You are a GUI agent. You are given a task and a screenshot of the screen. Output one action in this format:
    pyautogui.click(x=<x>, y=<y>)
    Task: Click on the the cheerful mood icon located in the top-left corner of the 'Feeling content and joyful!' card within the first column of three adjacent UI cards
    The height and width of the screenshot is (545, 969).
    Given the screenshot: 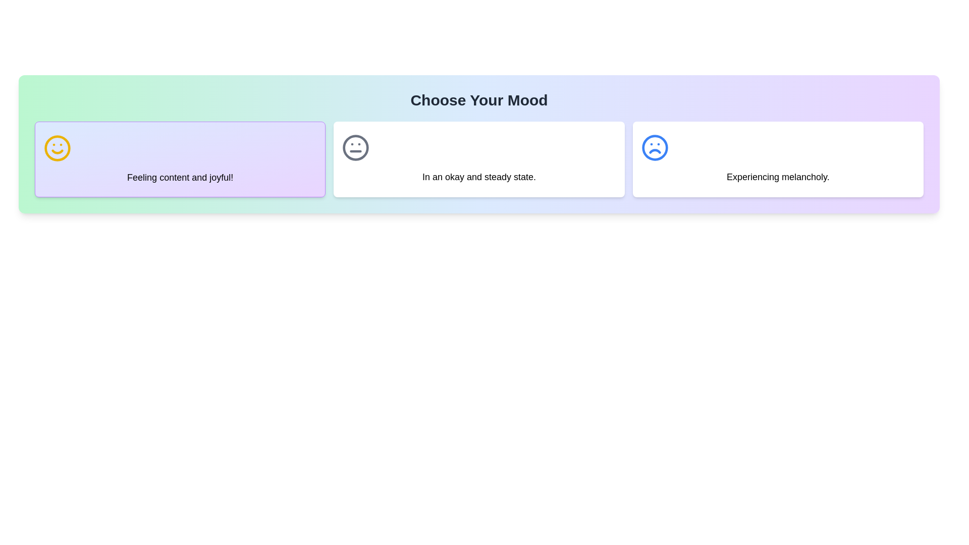 What is the action you would take?
    pyautogui.click(x=57, y=148)
    